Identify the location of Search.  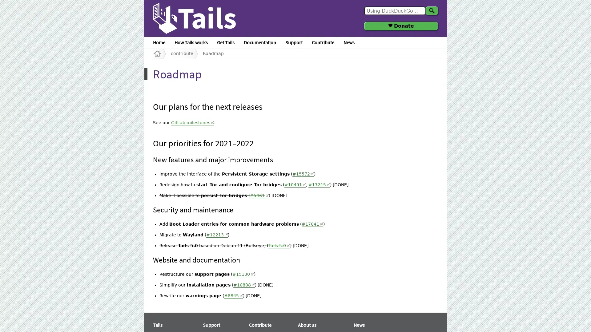
(431, 10).